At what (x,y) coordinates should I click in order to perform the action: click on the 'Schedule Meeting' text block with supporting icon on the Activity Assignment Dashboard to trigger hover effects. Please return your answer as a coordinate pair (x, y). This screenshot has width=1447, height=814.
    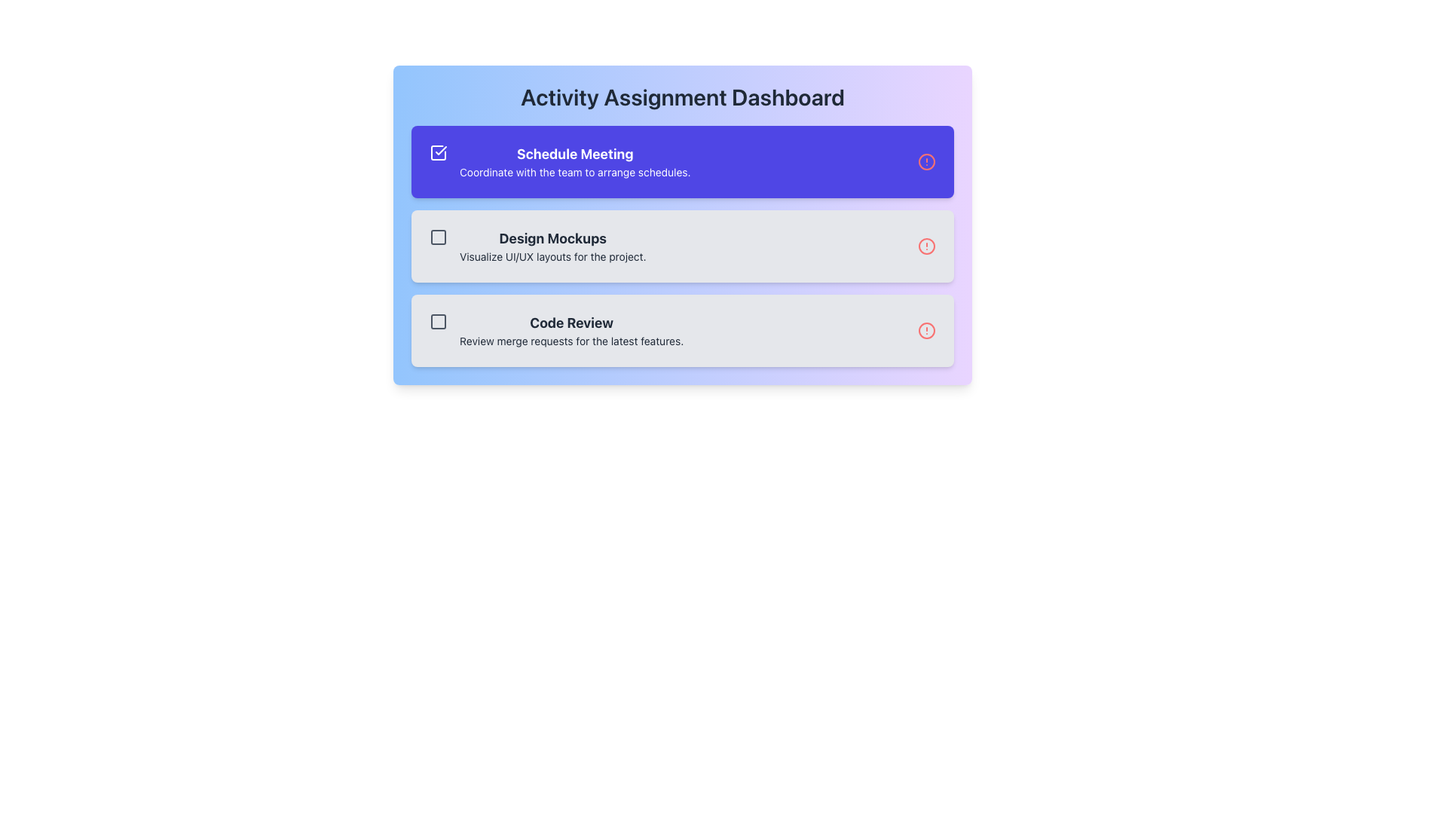
    Looking at the image, I should click on (559, 162).